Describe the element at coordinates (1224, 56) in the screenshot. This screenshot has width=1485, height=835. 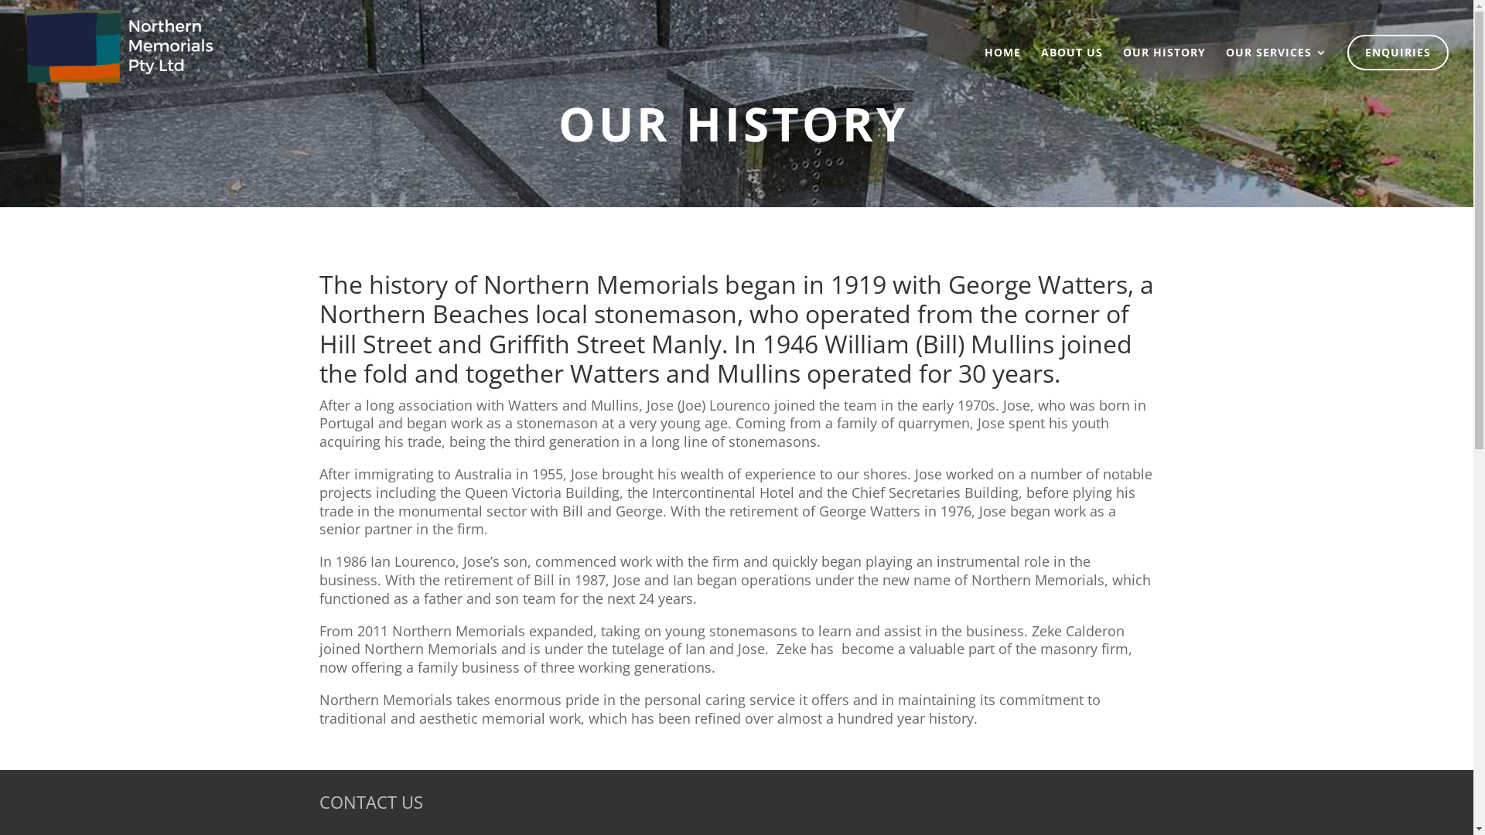
I see `'OUR SERVICES'` at that location.